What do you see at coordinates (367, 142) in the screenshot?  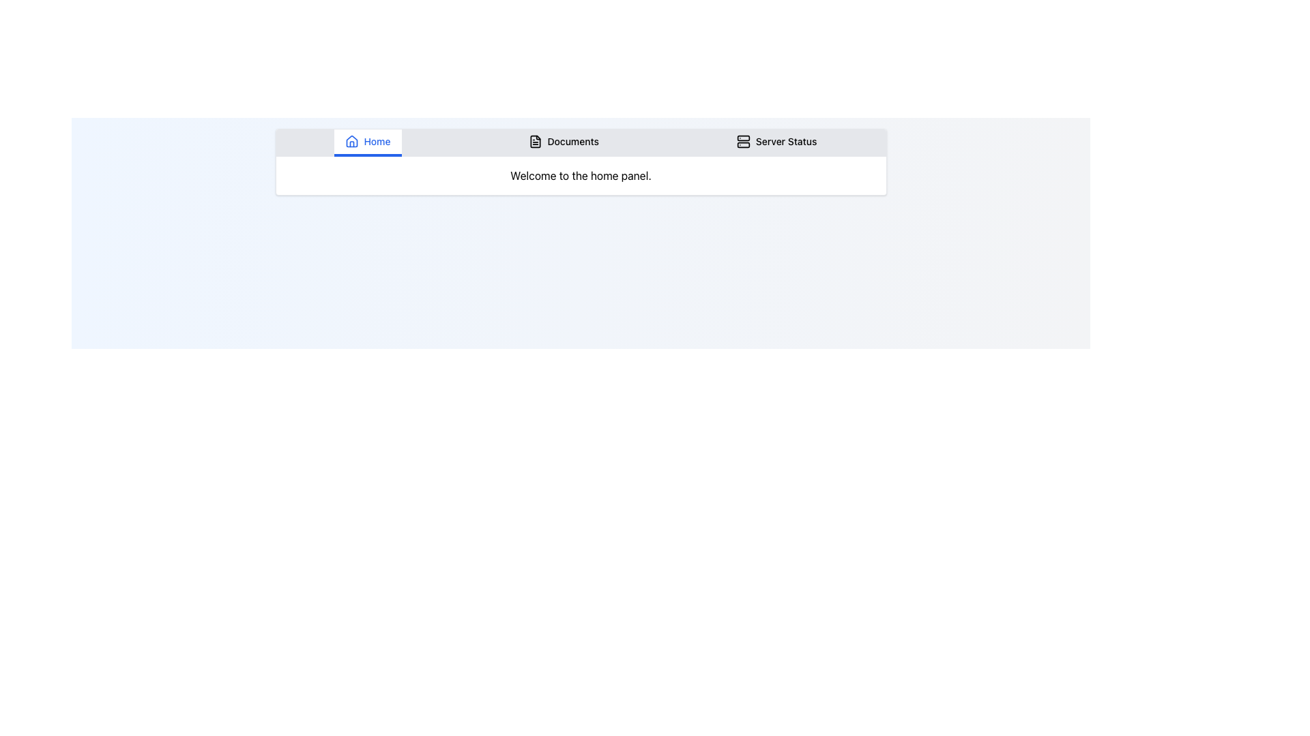 I see `the 'Home' navigation tab, which is the first tab with a white background, blue text, and a house icon` at bounding box center [367, 142].